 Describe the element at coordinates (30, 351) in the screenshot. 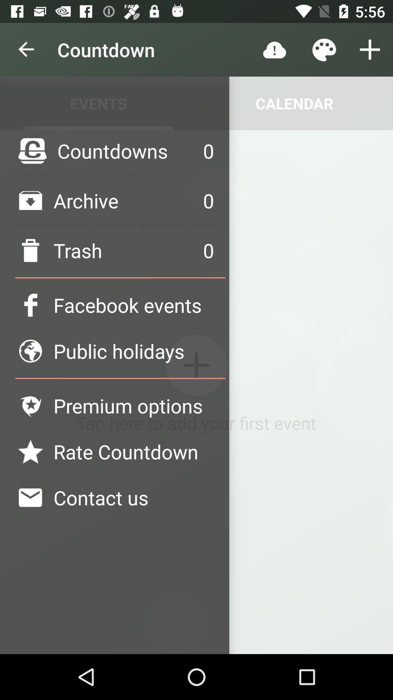

I see `the logo left side of public holidays` at that location.